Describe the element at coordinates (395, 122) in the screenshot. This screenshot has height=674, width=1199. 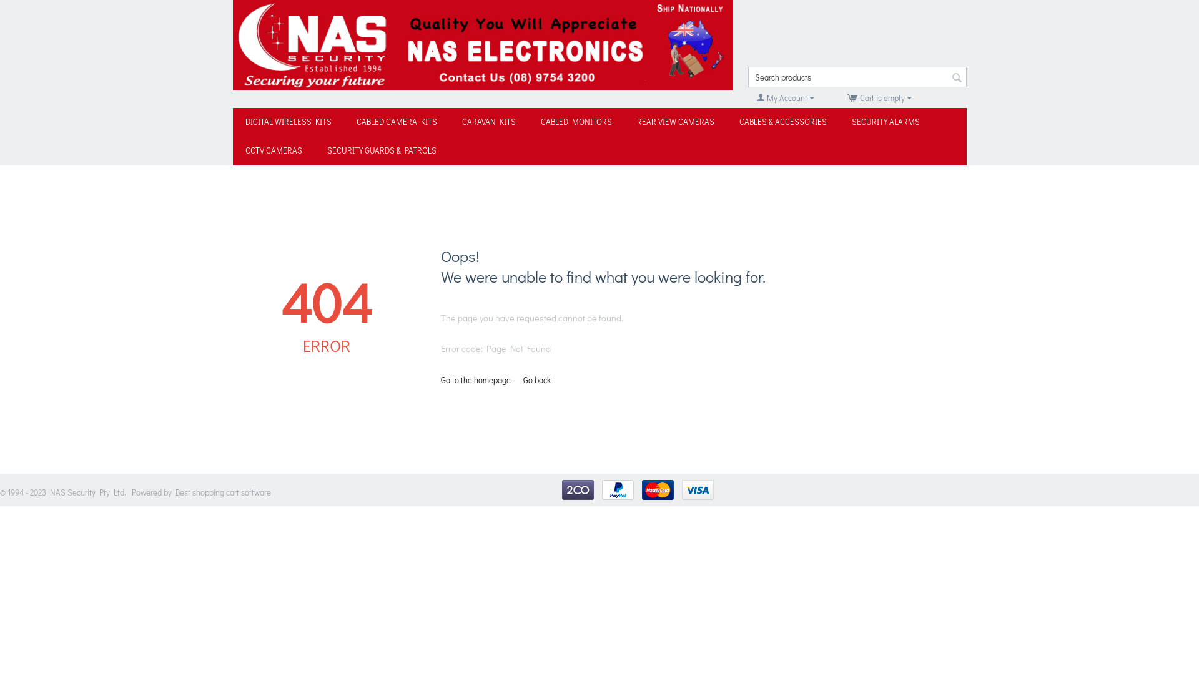
I see `'CABLED CAMERA KITS'` at that location.